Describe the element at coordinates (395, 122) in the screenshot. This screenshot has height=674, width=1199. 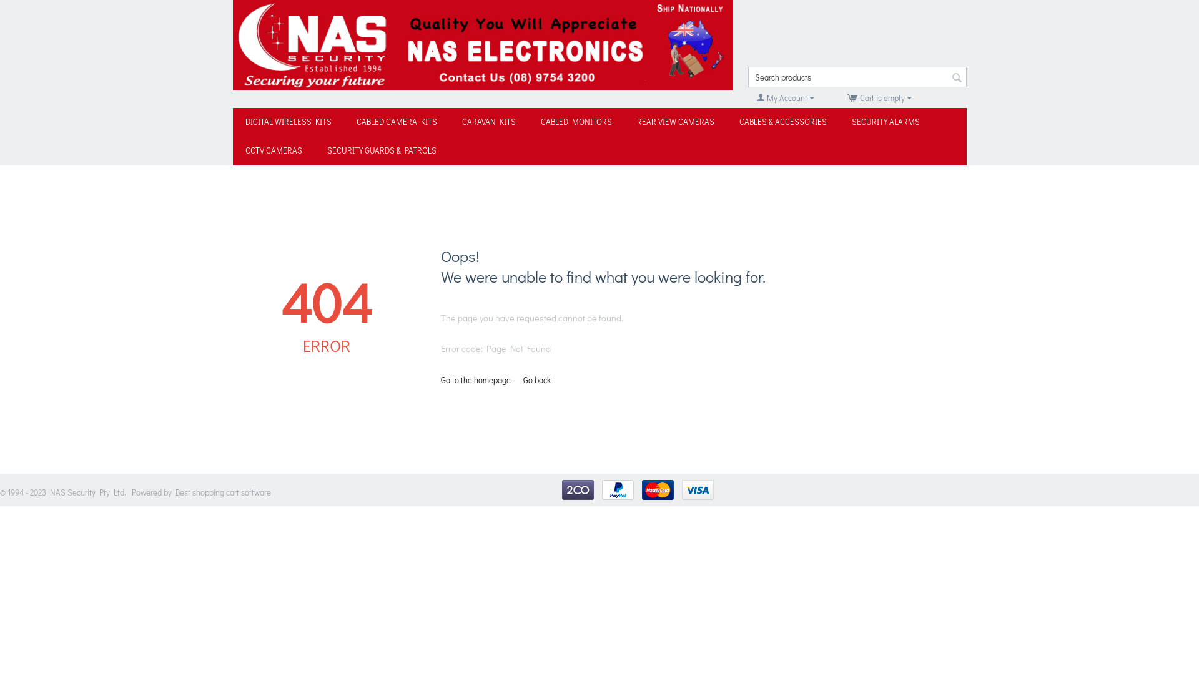
I see `'CABLED CAMERA KITS'` at that location.